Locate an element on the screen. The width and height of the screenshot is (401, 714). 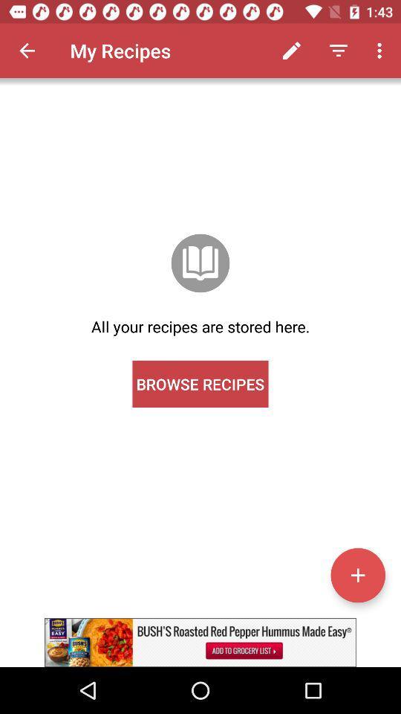
address is located at coordinates (357, 574).